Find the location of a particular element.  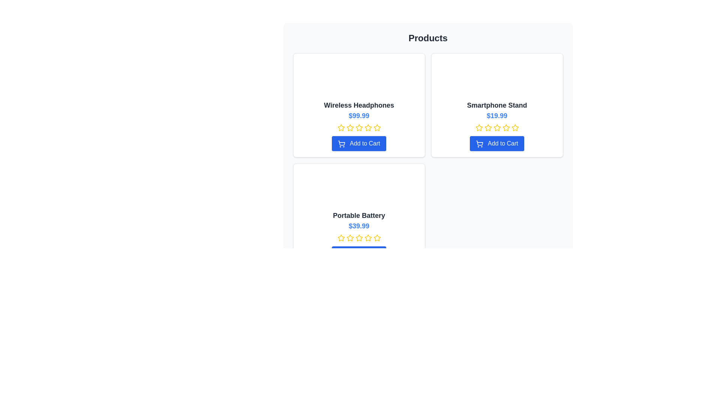

the fifth yellow star icon in the rating system under the 'Smartphone Stand' product card to rate it is located at coordinates (514, 127).